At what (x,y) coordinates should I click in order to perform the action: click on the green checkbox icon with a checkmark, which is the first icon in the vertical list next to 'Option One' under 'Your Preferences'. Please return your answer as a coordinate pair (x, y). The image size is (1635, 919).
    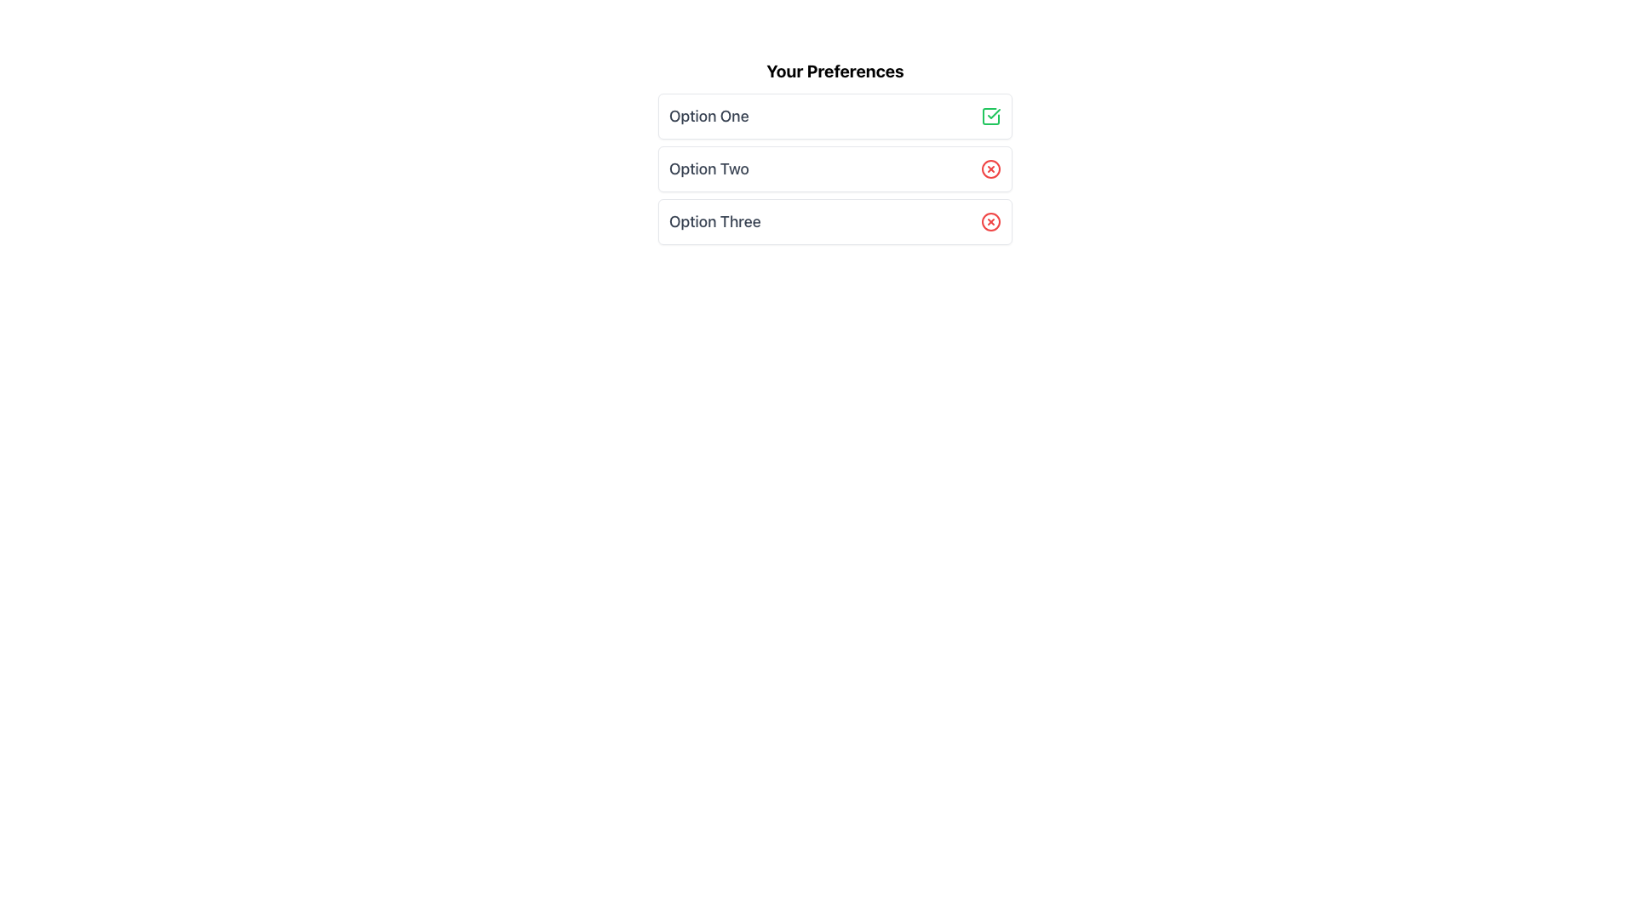
    Looking at the image, I should click on (990, 116).